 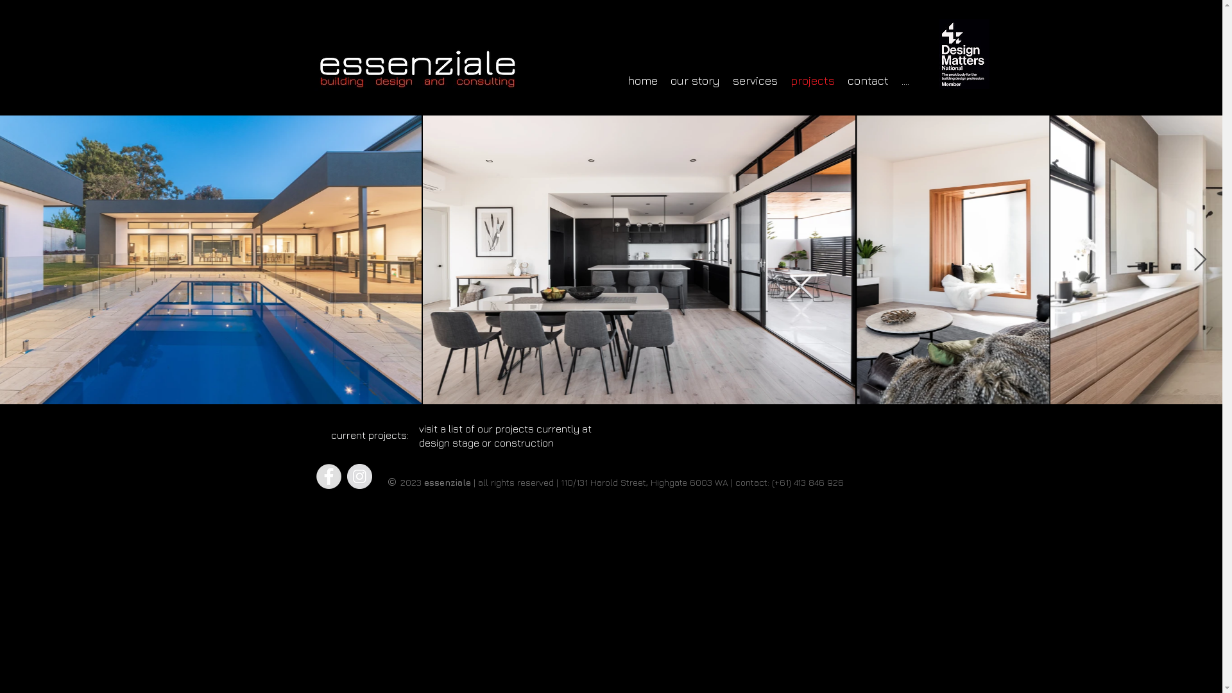 What do you see at coordinates (369, 434) in the screenshot?
I see `'current projects:'` at bounding box center [369, 434].